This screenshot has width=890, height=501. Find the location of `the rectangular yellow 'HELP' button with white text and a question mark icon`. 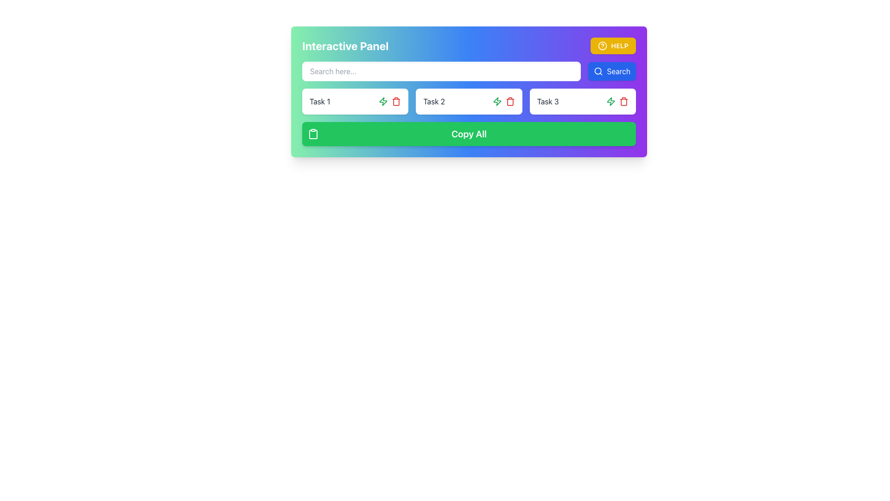

the rectangular yellow 'HELP' button with white text and a question mark icon is located at coordinates (613, 46).